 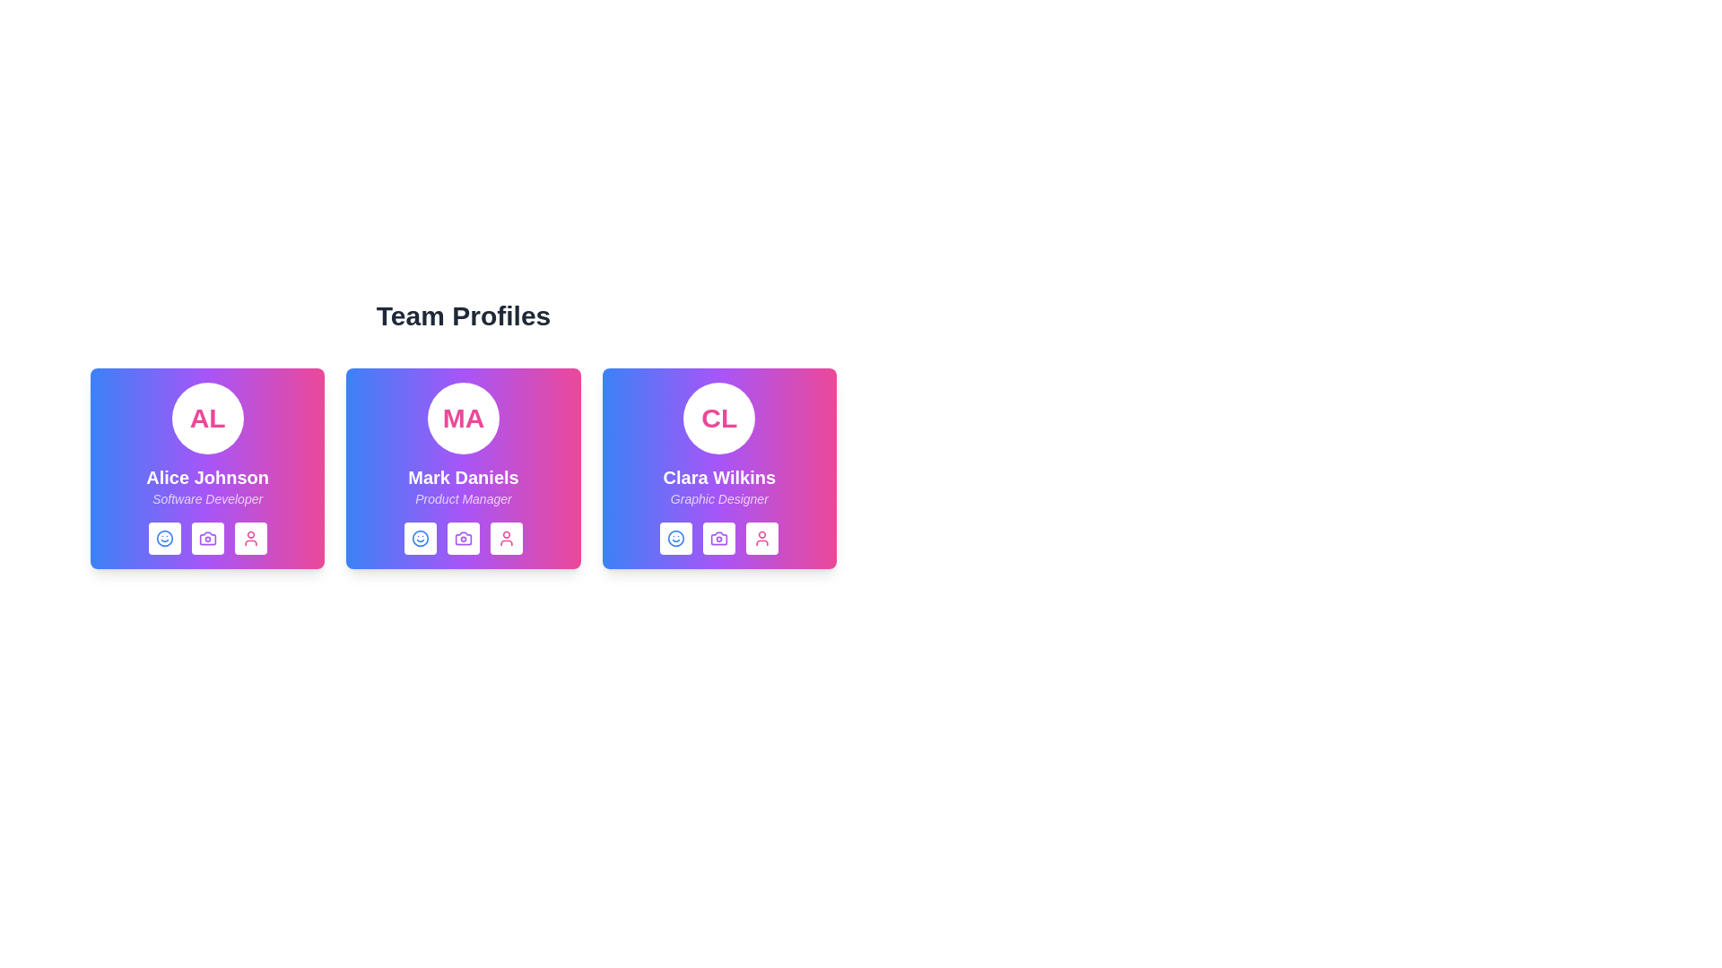 I want to click on the Text Label that identifies the individual in the middle card of the three team profiles, located beneath the circular avatar labeled 'MA' and above the subtitle 'Product Manager', so click(x=464, y=476).